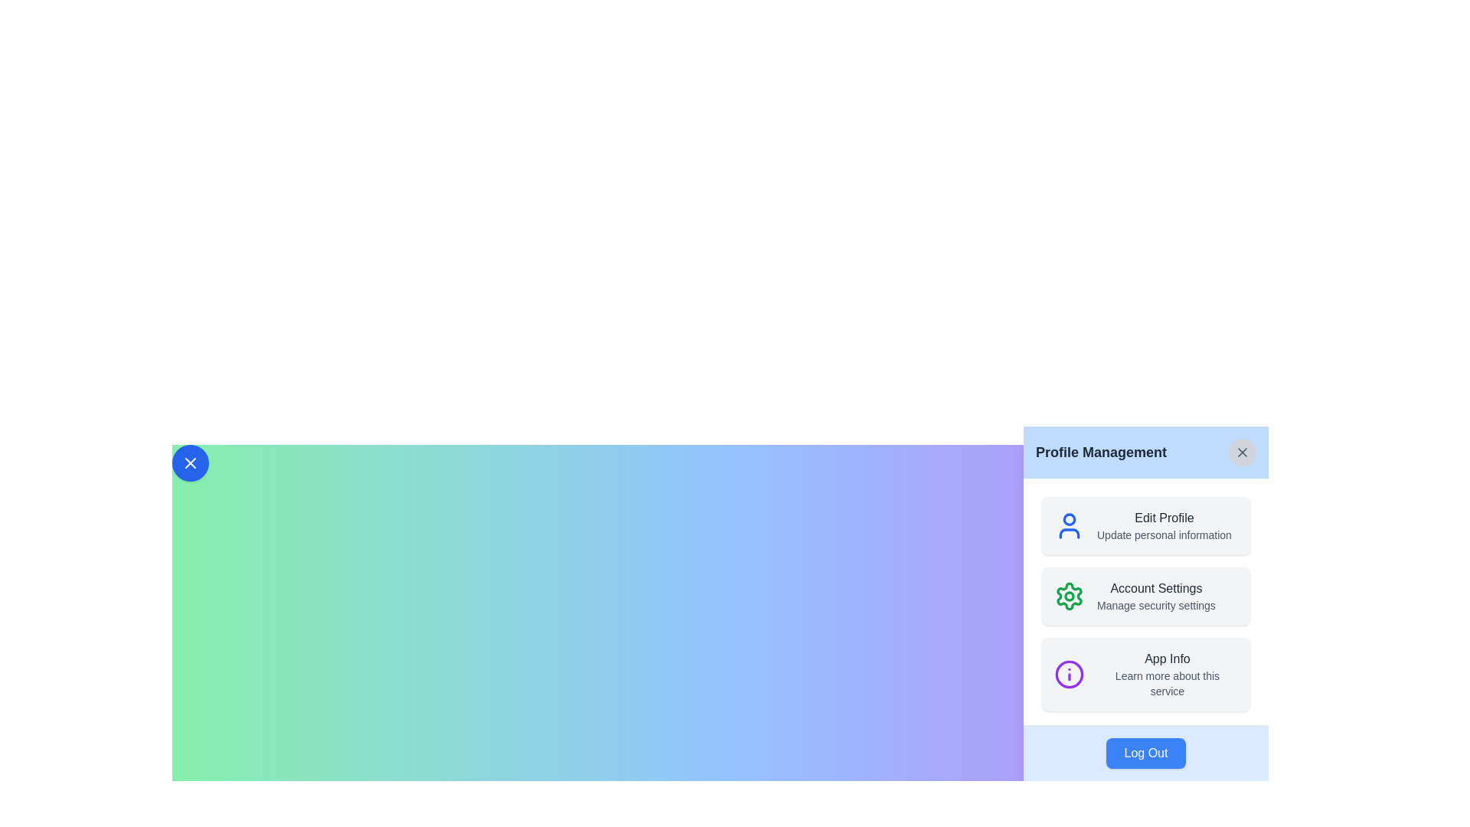  I want to click on the 'Account Settings' text block, which is bold and prominently displayed, so click(1156, 596).